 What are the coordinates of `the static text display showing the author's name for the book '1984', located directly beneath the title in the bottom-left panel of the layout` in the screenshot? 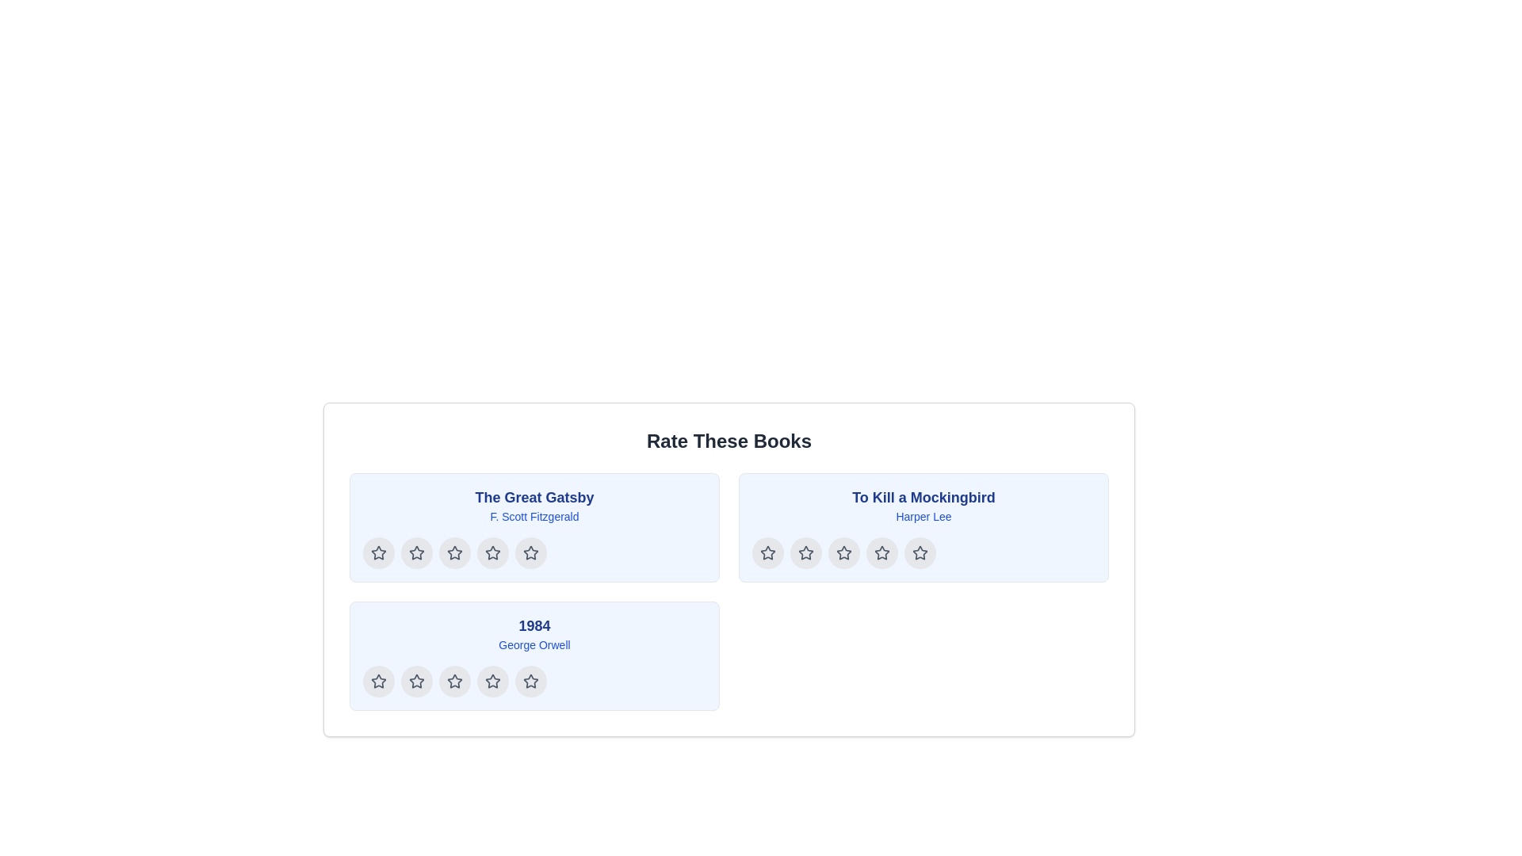 It's located at (534, 644).